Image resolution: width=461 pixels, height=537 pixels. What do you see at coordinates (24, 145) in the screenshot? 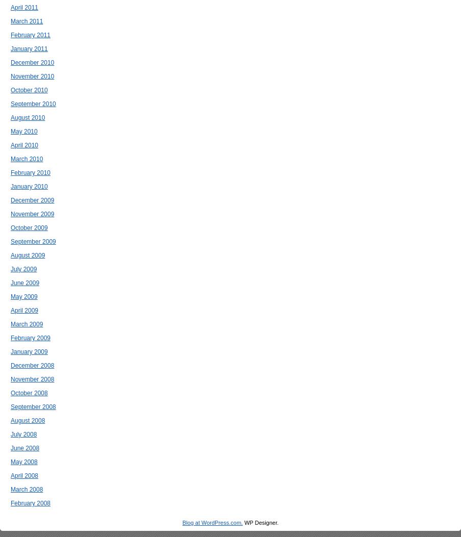
I see `'April 2010'` at bounding box center [24, 145].